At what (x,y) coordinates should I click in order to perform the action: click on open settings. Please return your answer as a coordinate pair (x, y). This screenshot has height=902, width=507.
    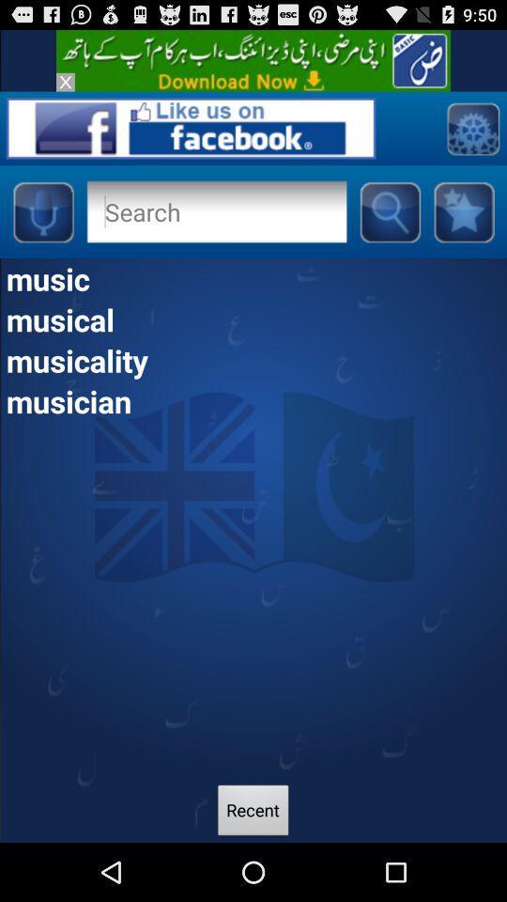
    Looking at the image, I should click on (471, 127).